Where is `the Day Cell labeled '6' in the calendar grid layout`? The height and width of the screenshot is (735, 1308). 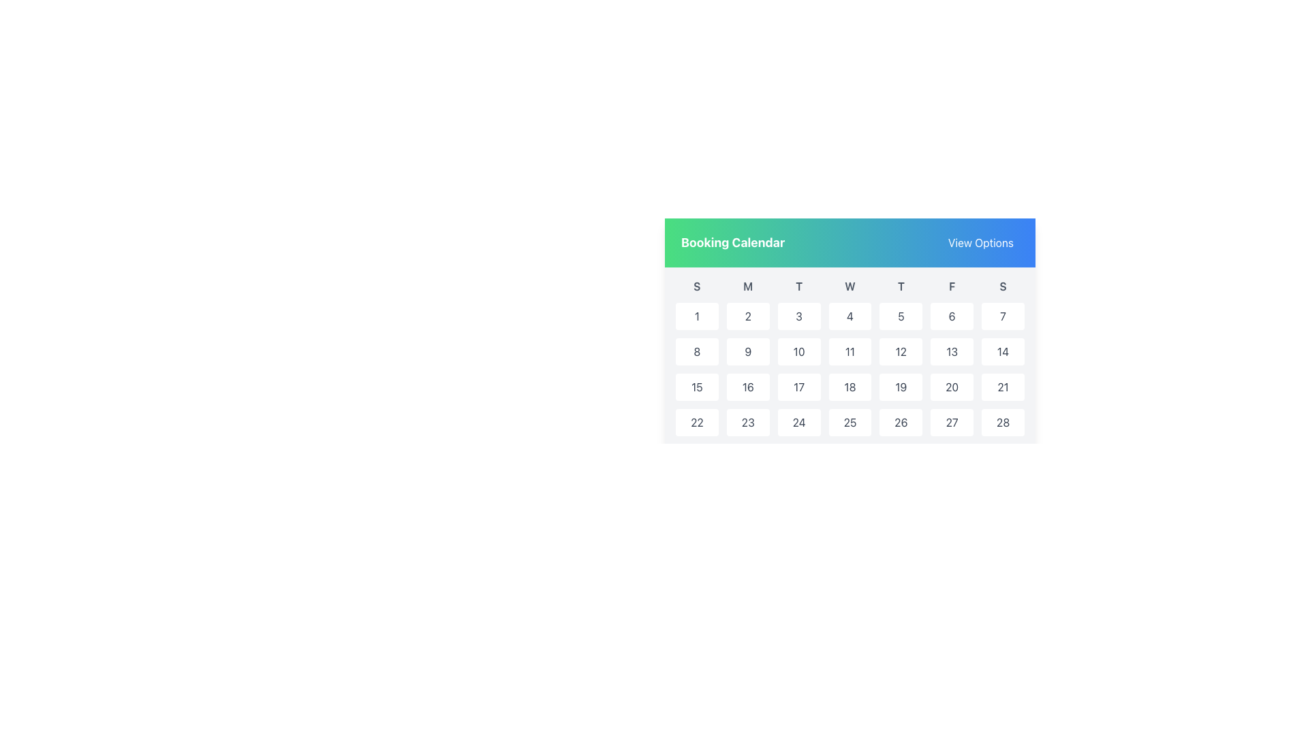 the Day Cell labeled '6' in the calendar grid layout is located at coordinates (951, 316).